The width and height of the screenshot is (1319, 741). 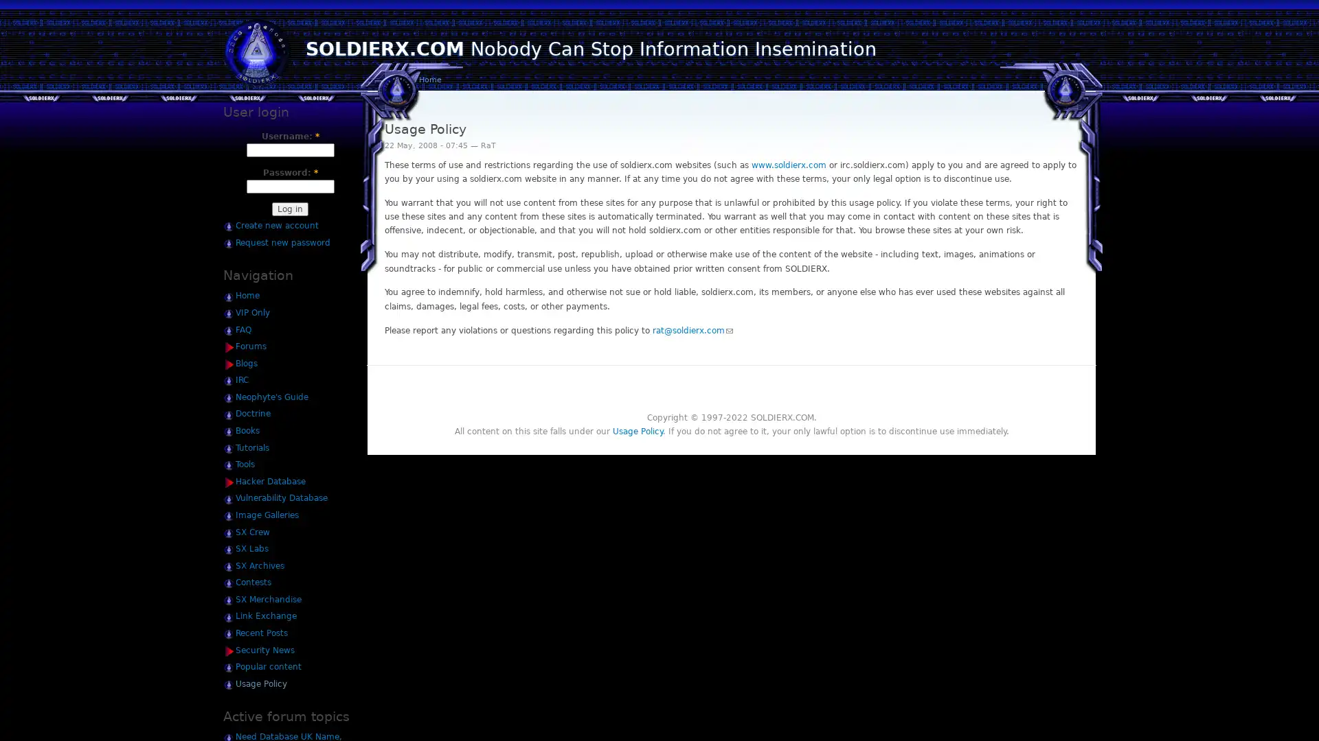 I want to click on Log in, so click(x=289, y=209).